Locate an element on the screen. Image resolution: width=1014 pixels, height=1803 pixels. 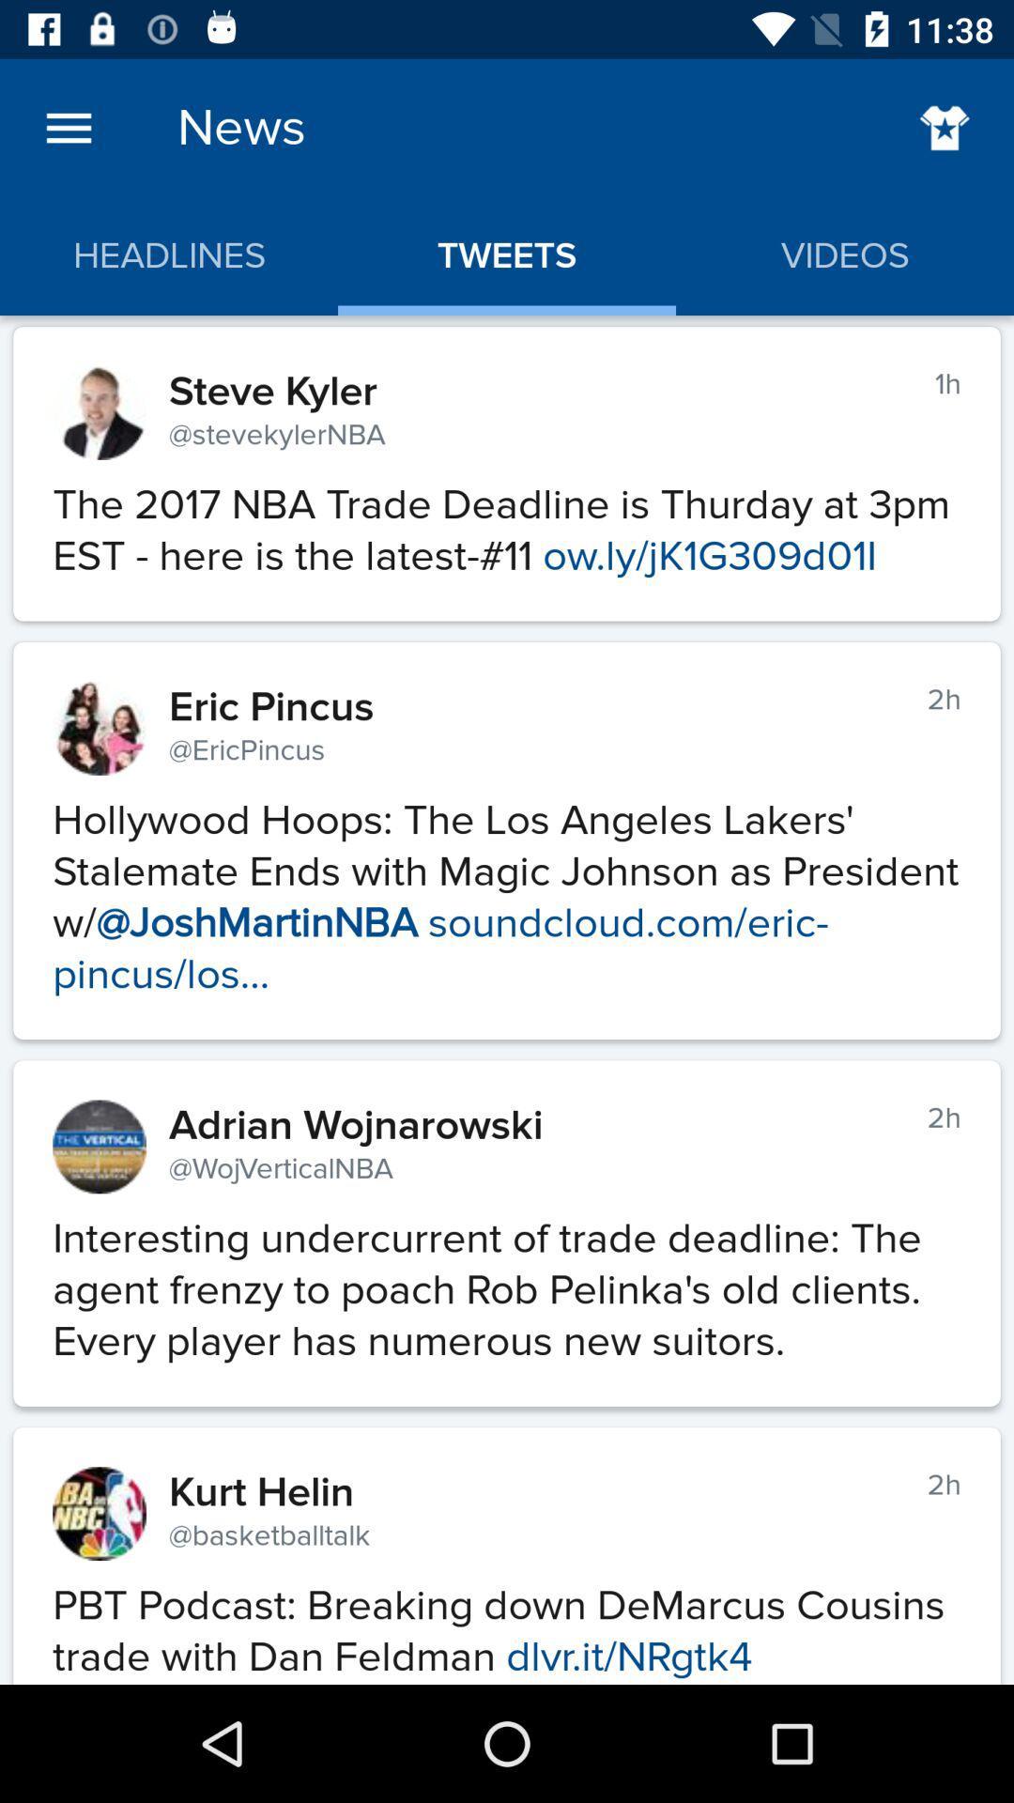
item next to tweets item is located at coordinates (945, 127).